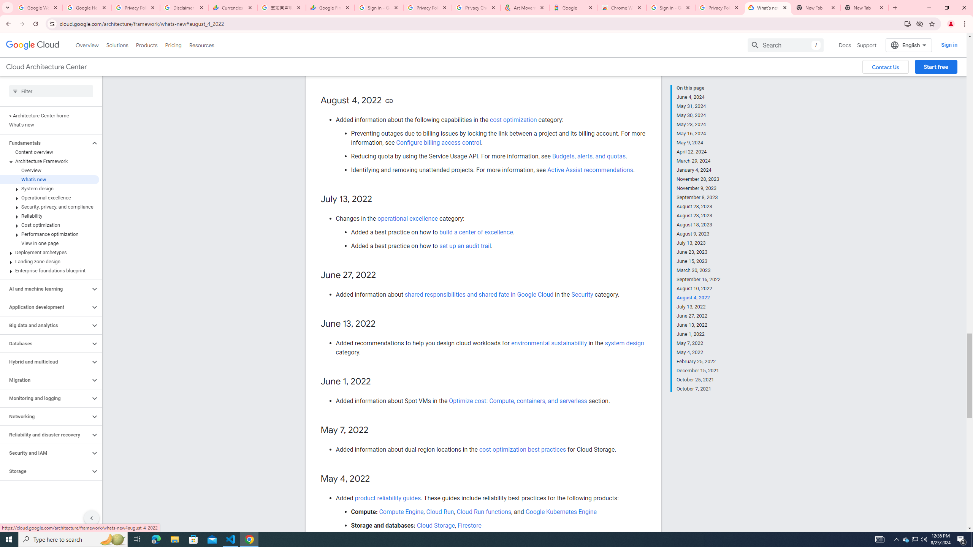 This screenshot has height=547, width=973. Describe the element at coordinates (45, 471) in the screenshot. I see `'Storage'` at that location.